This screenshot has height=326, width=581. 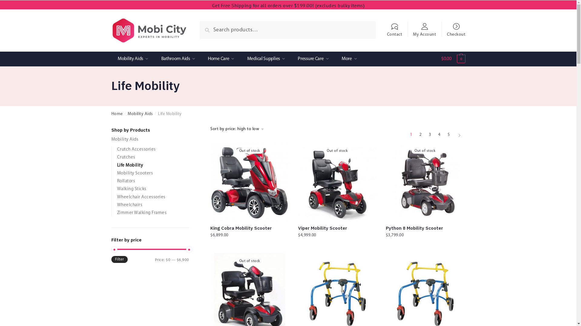 I want to click on 'Life Mobility', so click(x=129, y=165).